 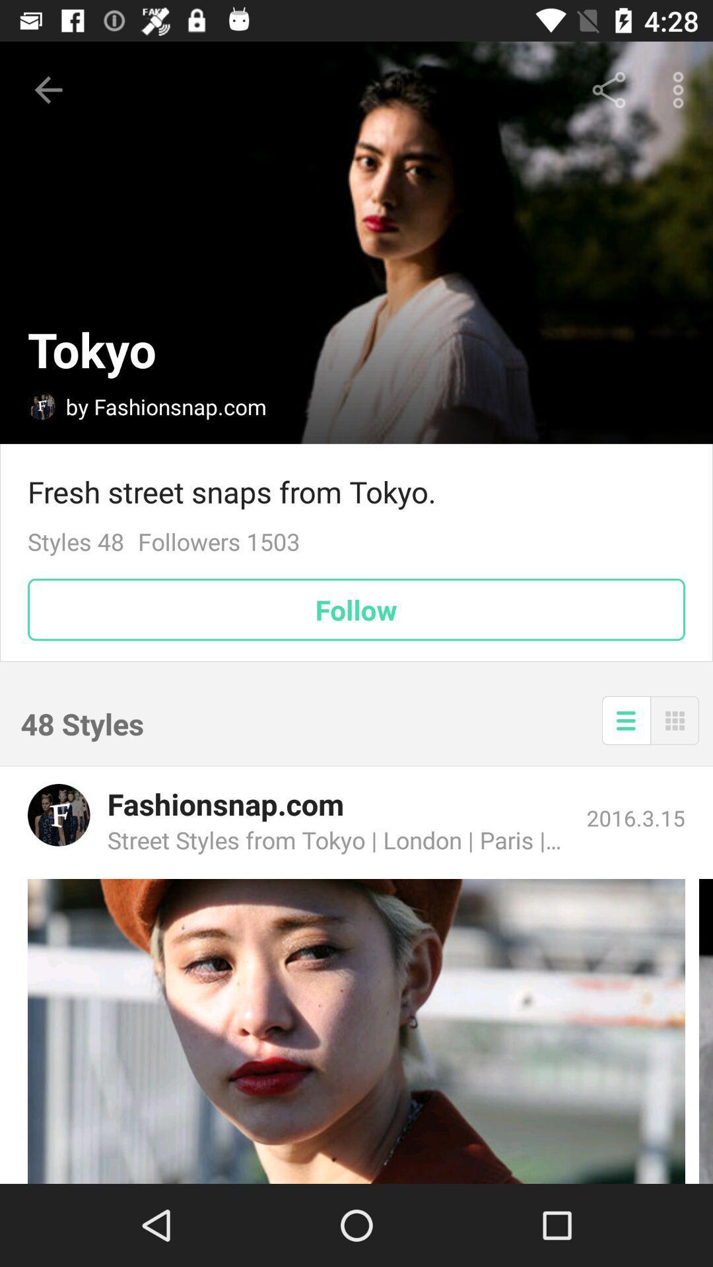 I want to click on change view to tiled, so click(x=675, y=719).